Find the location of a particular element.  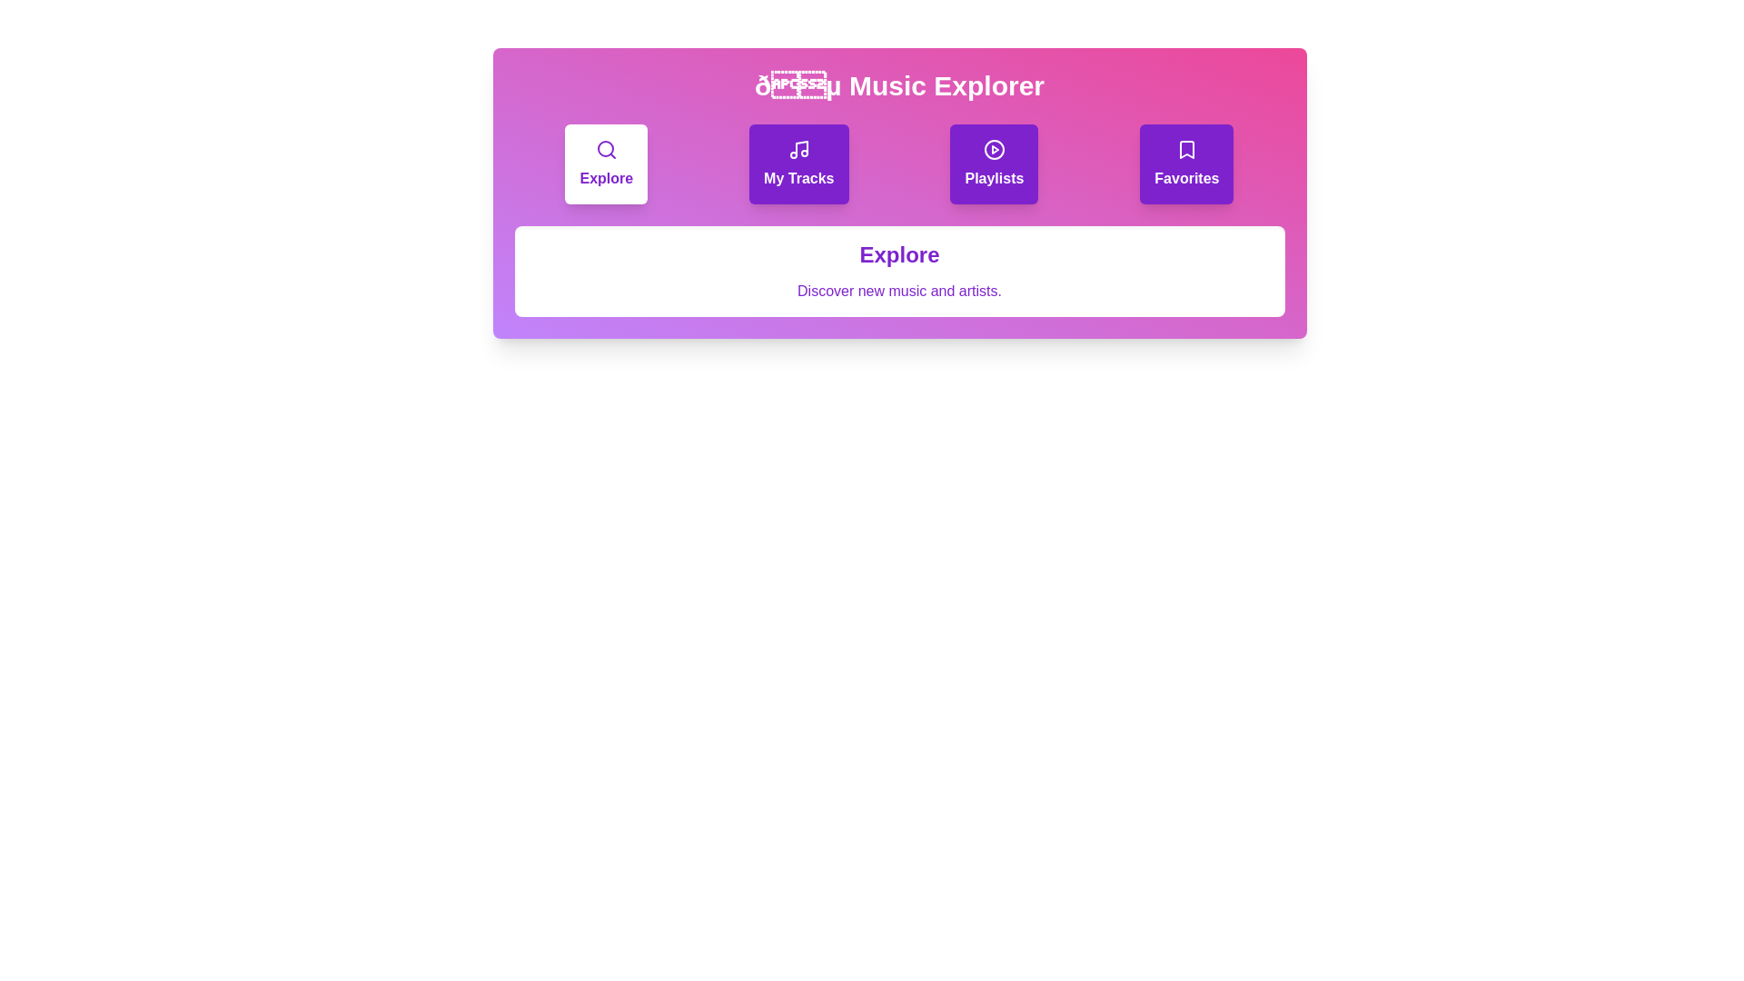

the tab Favorites is located at coordinates (1186, 164).